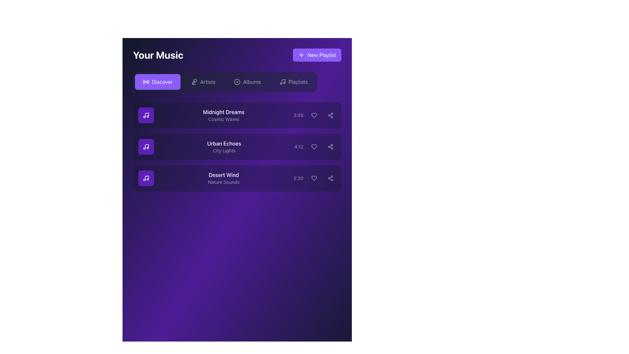 This screenshot has height=354, width=629. I want to click on the text display area that shows the title and subtitle of the music track, located at the top of the list with a music icon on the left and a timestamp on the right, so click(223, 115).